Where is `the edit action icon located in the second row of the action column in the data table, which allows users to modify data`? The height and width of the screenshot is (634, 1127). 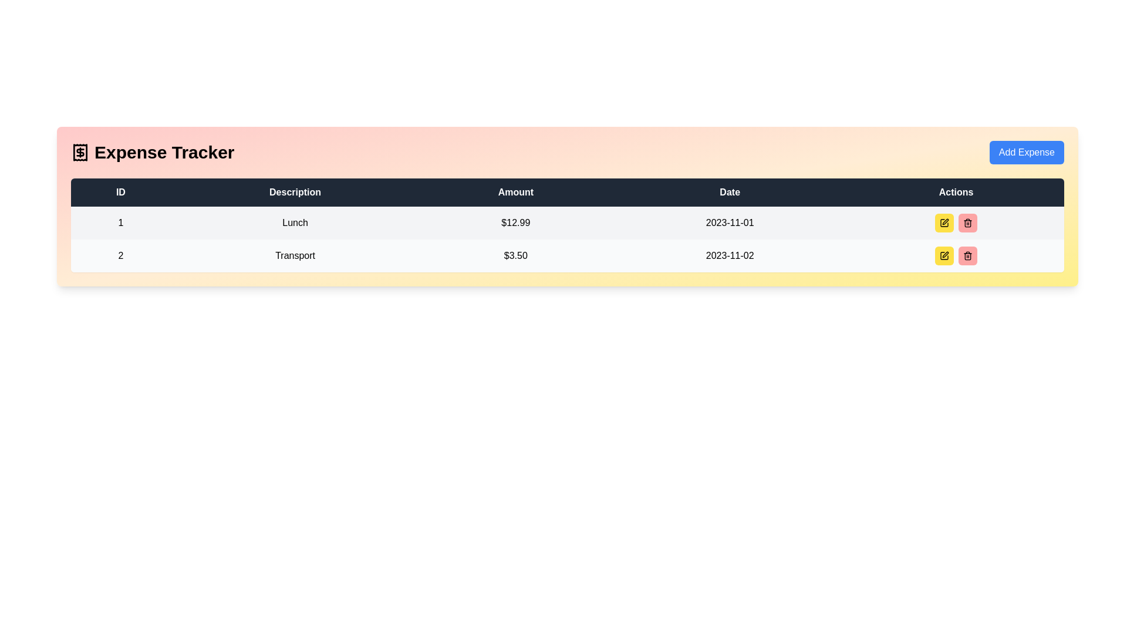 the edit action icon located in the second row of the action column in the data table, which allows users to modify data is located at coordinates (944, 223).